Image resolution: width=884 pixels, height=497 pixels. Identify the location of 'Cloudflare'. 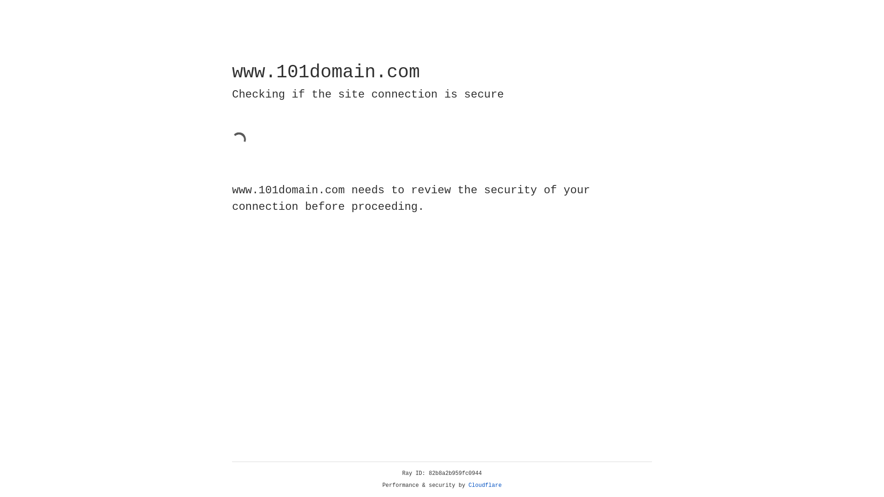
(485, 485).